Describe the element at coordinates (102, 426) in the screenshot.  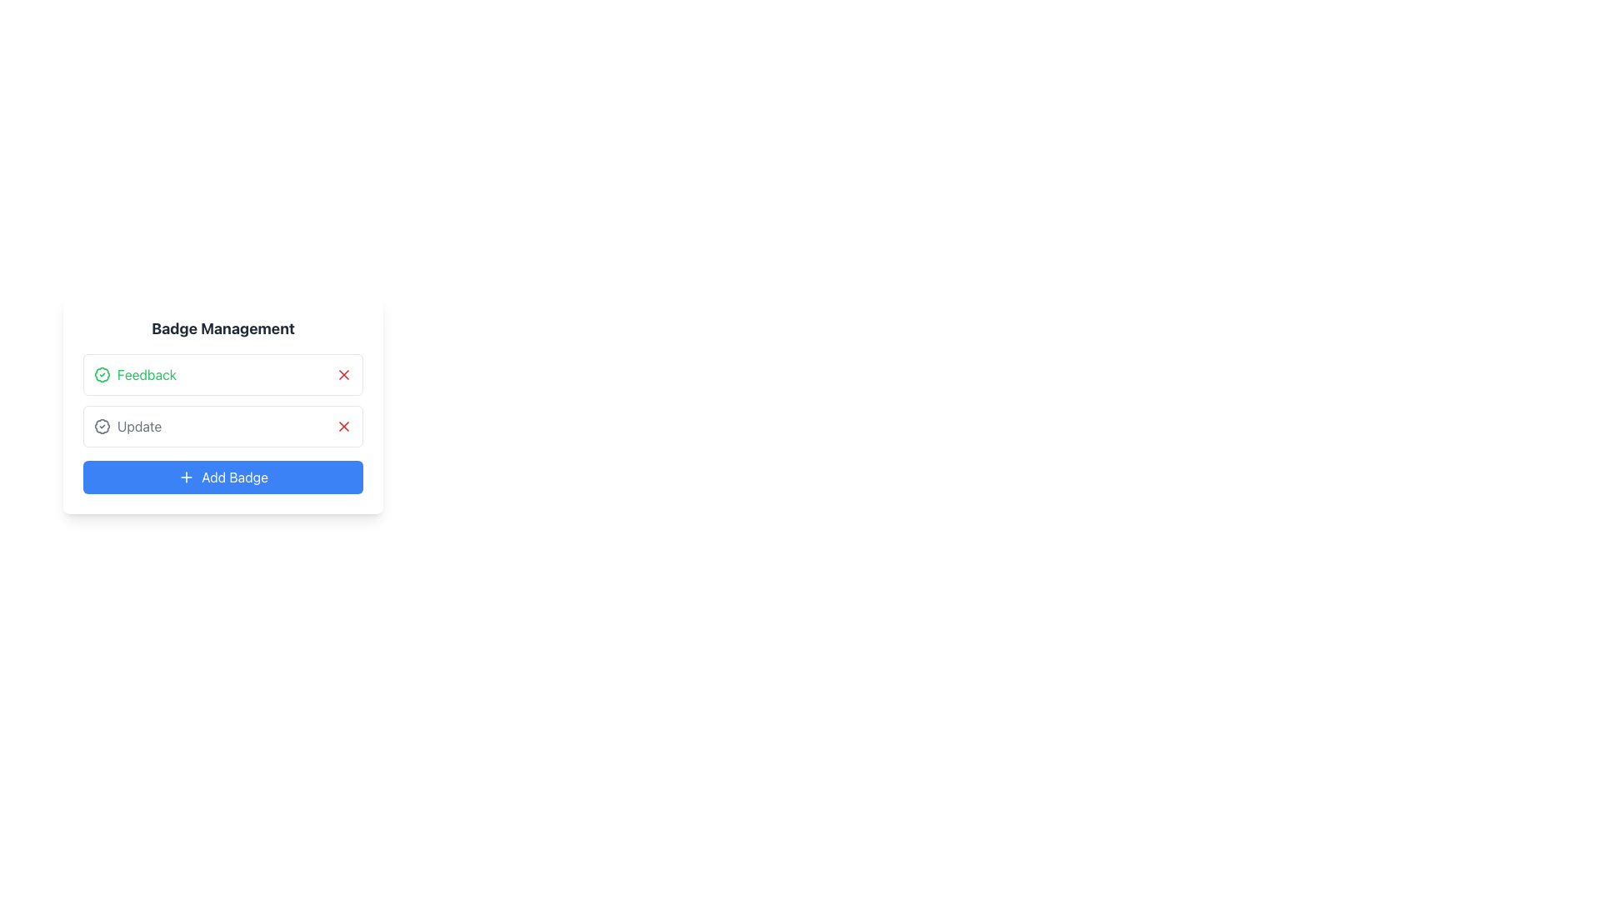
I see `the circular badge icon with a scalloped edge that contains a checkmark symbol` at that location.